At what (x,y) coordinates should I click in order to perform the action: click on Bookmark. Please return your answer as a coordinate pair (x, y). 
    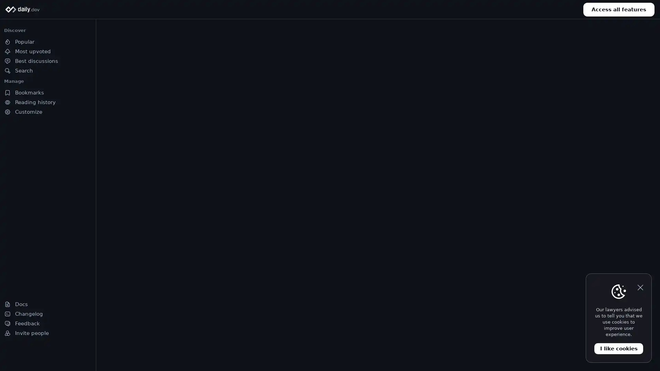
    Looking at the image, I should click on (357, 335).